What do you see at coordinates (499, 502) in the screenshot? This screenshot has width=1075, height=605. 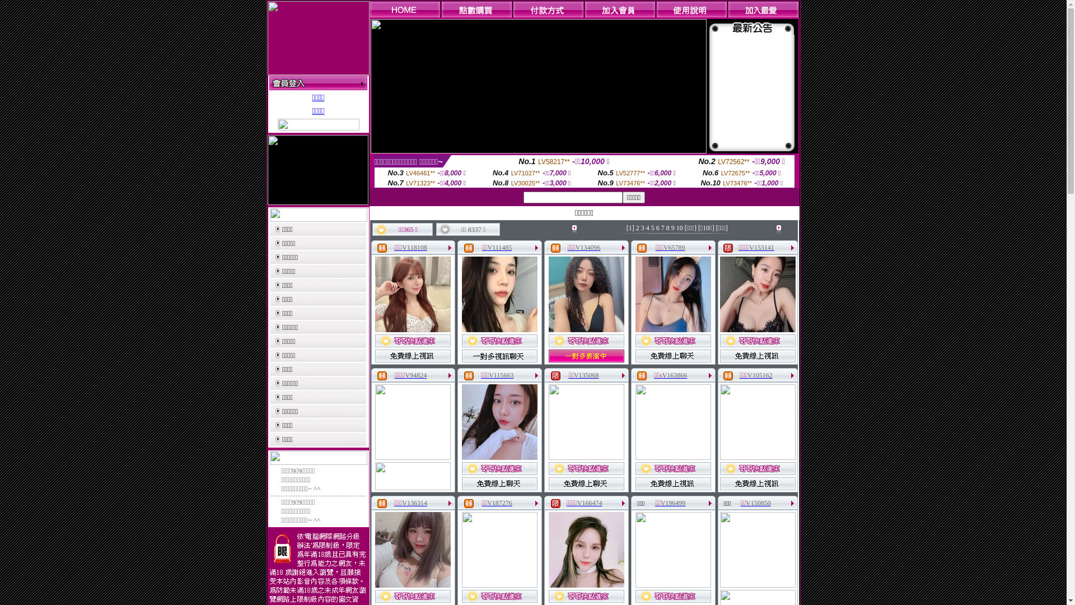 I see `'V187276'` at bounding box center [499, 502].